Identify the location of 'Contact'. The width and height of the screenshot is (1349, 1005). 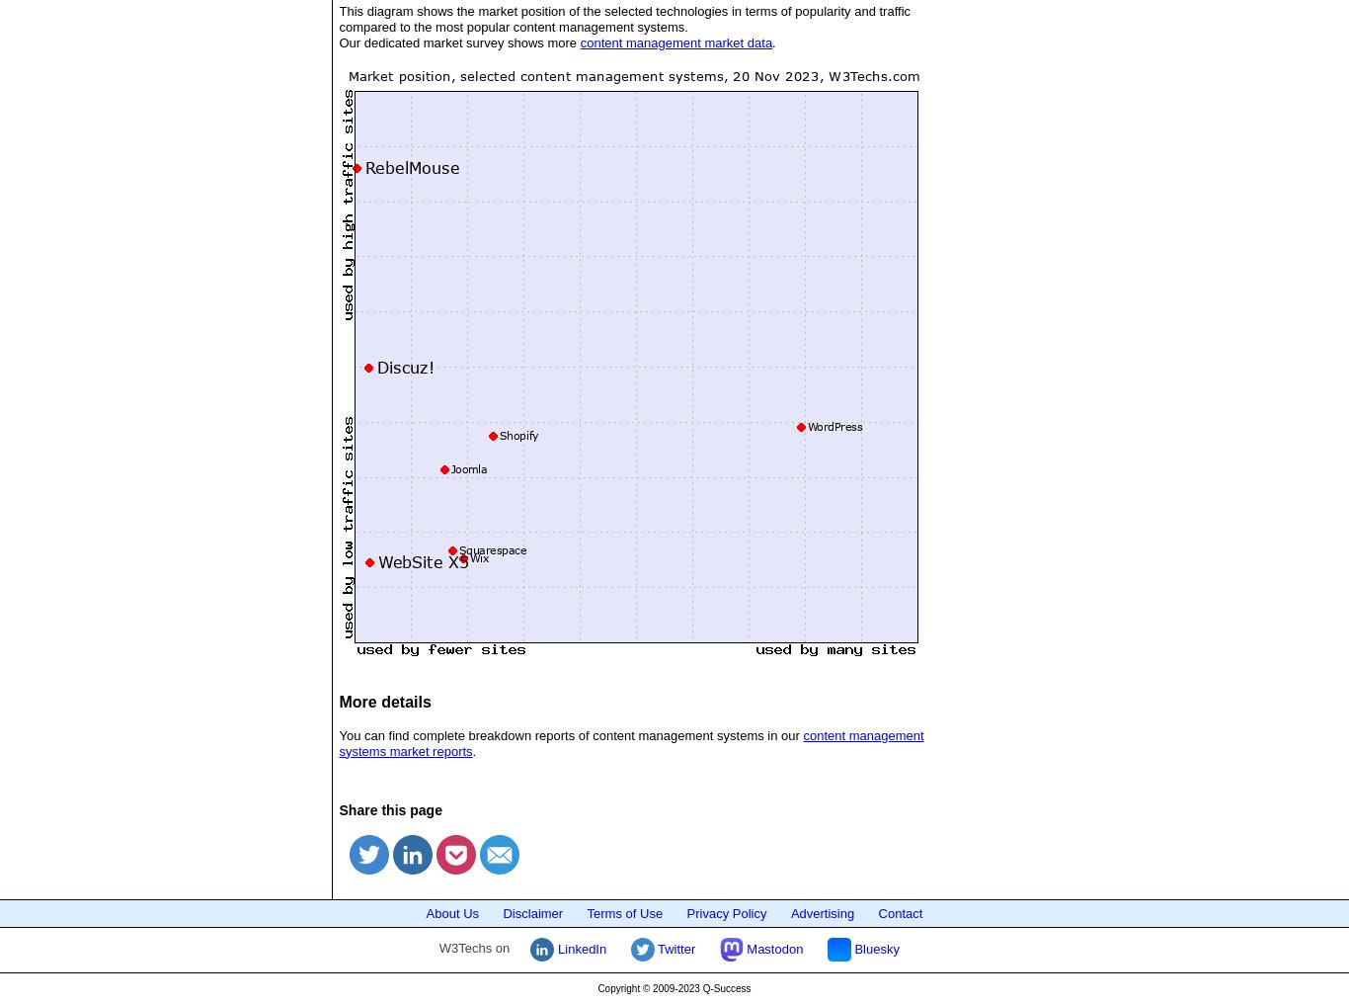
(876, 911).